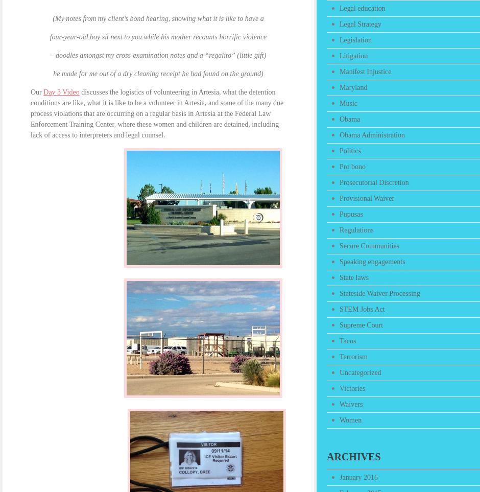  Describe the element at coordinates (156, 113) in the screenshot. I see `'discusses the logistics of volunteering in Artesia, what the detention conditions are like, what it is like to be a volunteer in Artesia, and some of the many due process violations that are occurring on a regular basis in Artesia at the Federal Law Enforcement Training Center, where these women and children are detained, including lack of access to interpreters and legal counsel.'` at that location.